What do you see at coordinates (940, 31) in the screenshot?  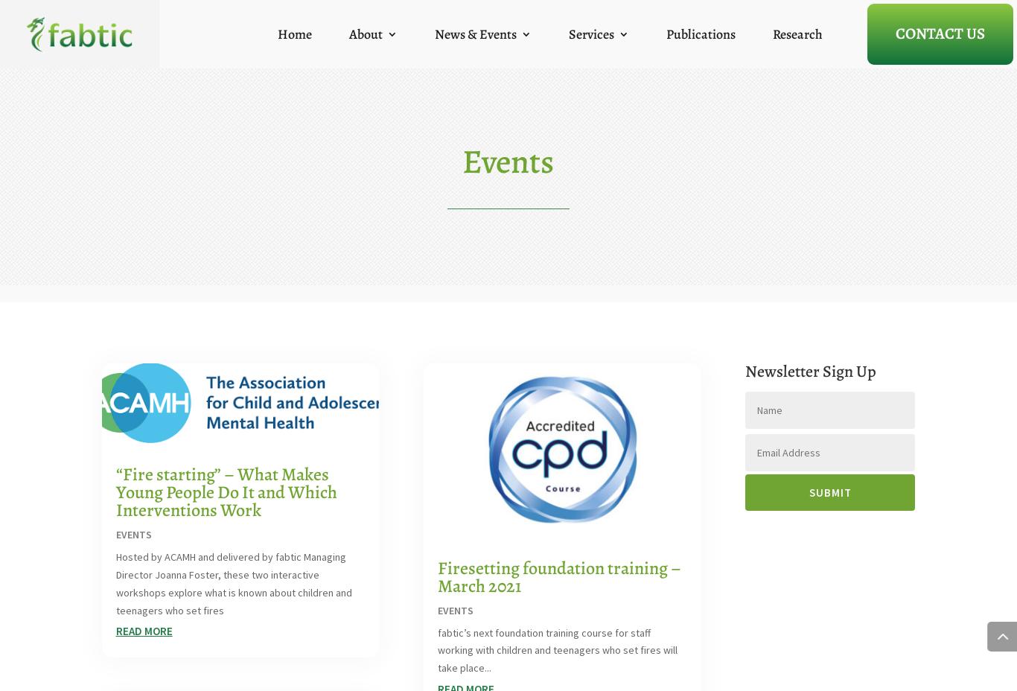 I see `'Contact Us'` at bounding box center [940, 31].